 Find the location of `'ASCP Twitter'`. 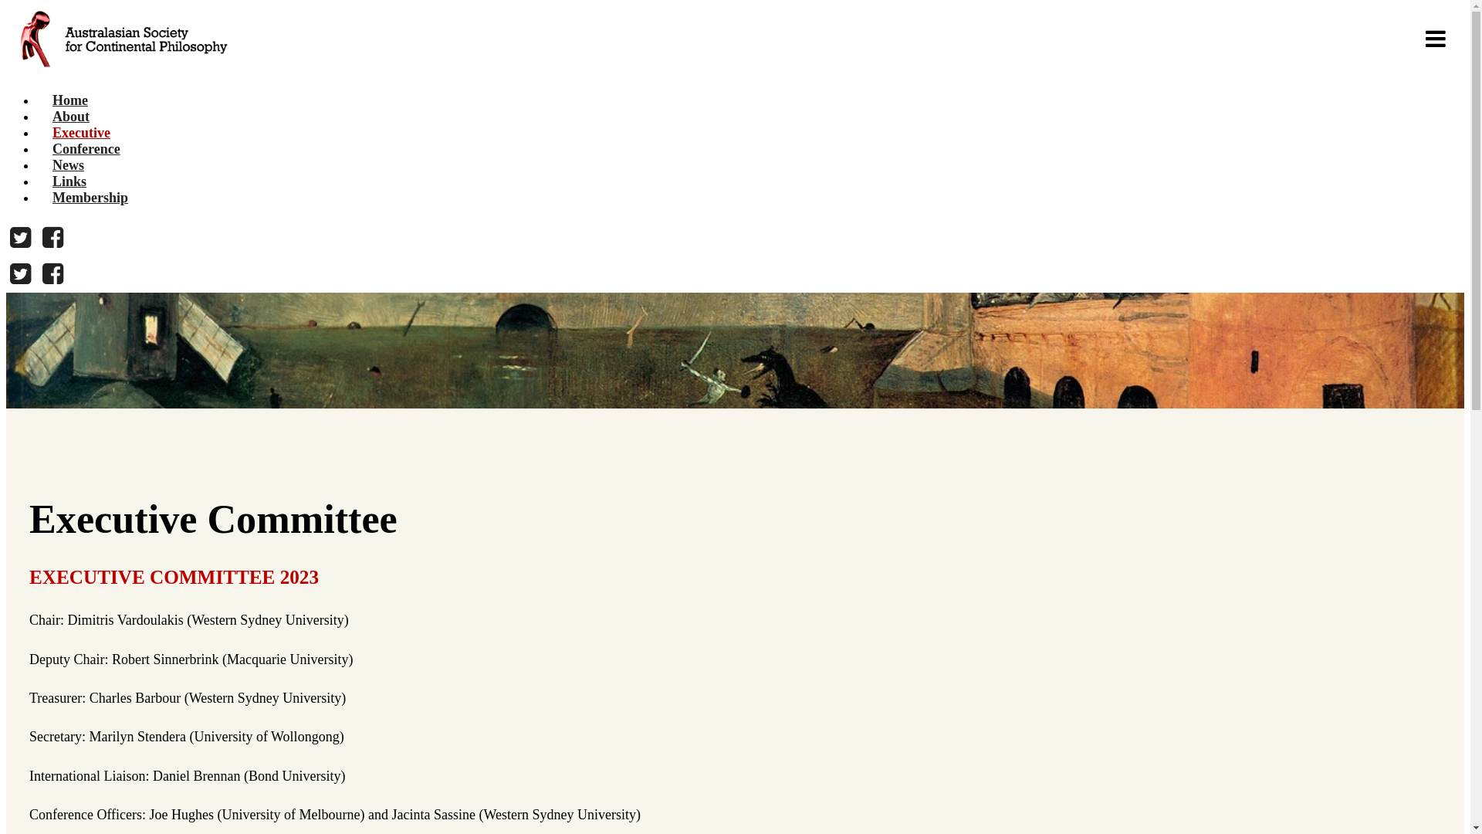

'ASCP Twitter' is located at coordinates (20, 238).